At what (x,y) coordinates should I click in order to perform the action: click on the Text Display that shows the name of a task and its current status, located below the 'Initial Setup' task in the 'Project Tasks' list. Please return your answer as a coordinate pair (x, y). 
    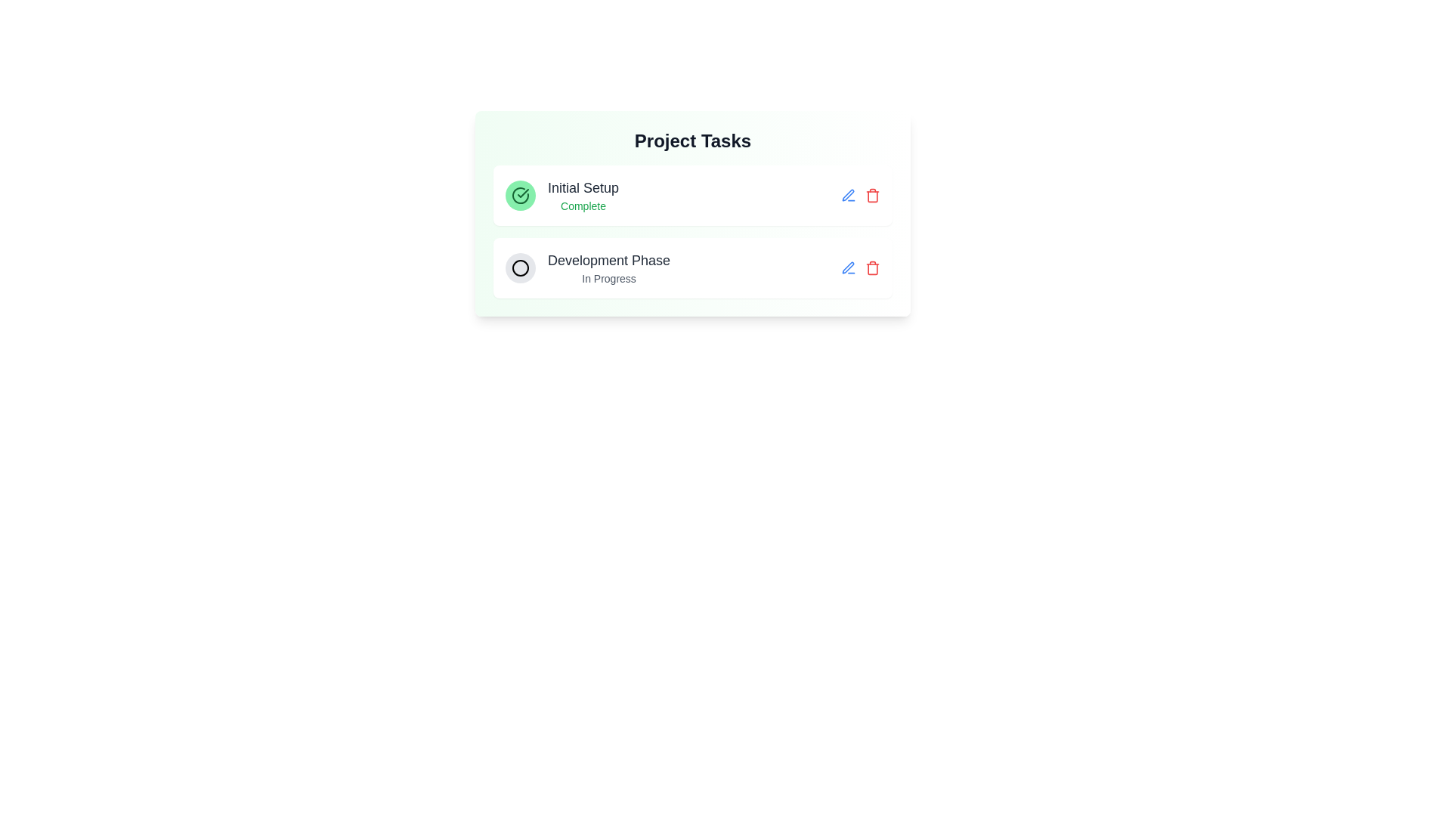
    Looking at the image, I should click on (609, 267).